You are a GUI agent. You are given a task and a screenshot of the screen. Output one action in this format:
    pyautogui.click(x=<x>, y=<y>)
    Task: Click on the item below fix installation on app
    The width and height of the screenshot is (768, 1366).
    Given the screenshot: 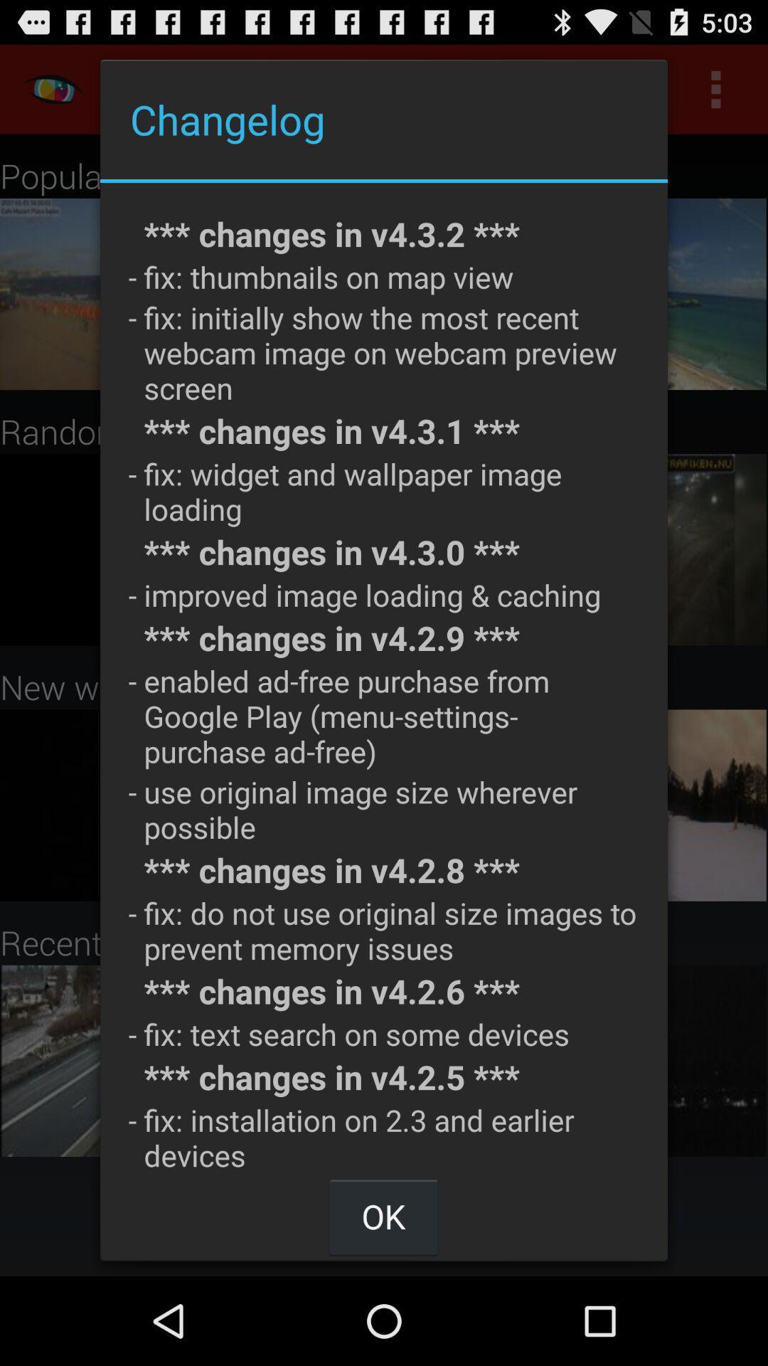 What is the action you would take?
    pyautogui.click(x=383, y=1215)
    